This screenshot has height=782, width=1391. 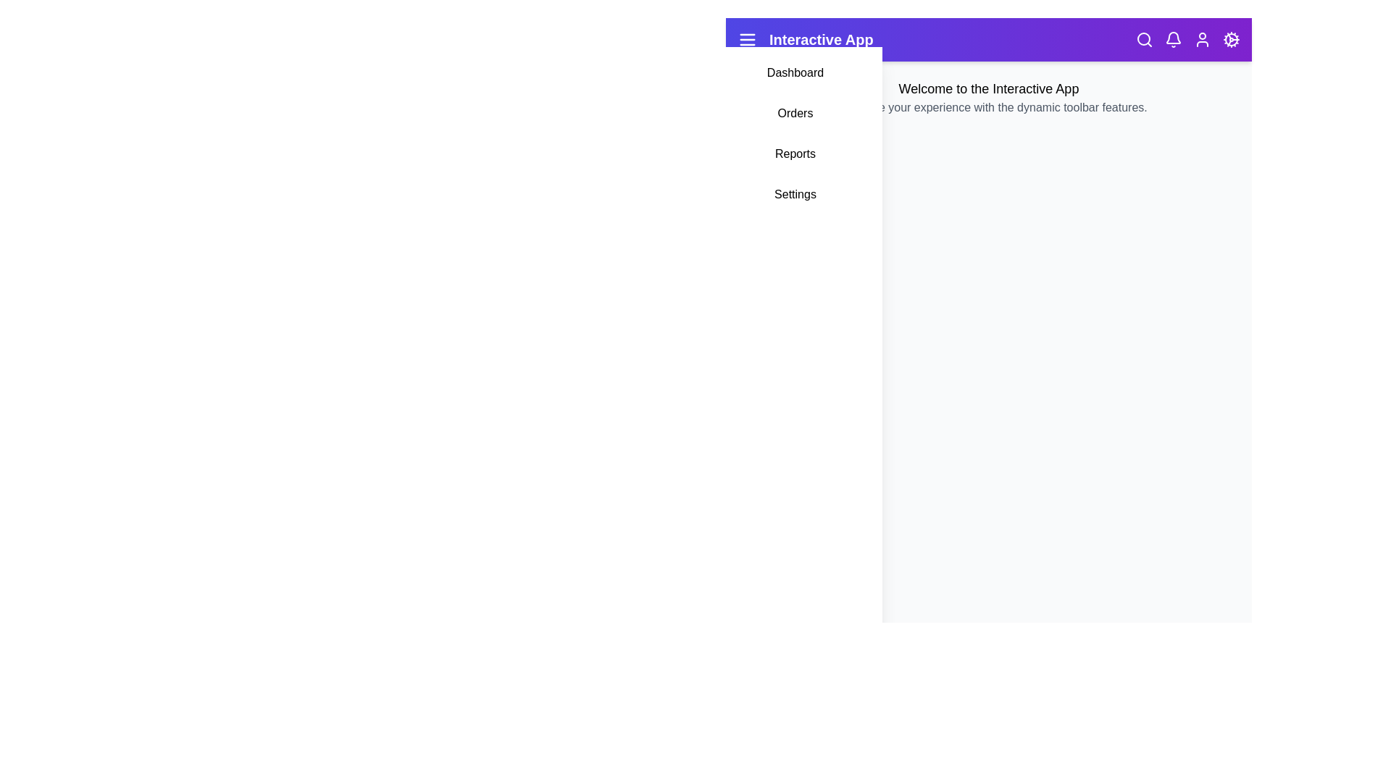 I want to click on the menu icon to toggle the sidebar, so click(x=748, y=38).